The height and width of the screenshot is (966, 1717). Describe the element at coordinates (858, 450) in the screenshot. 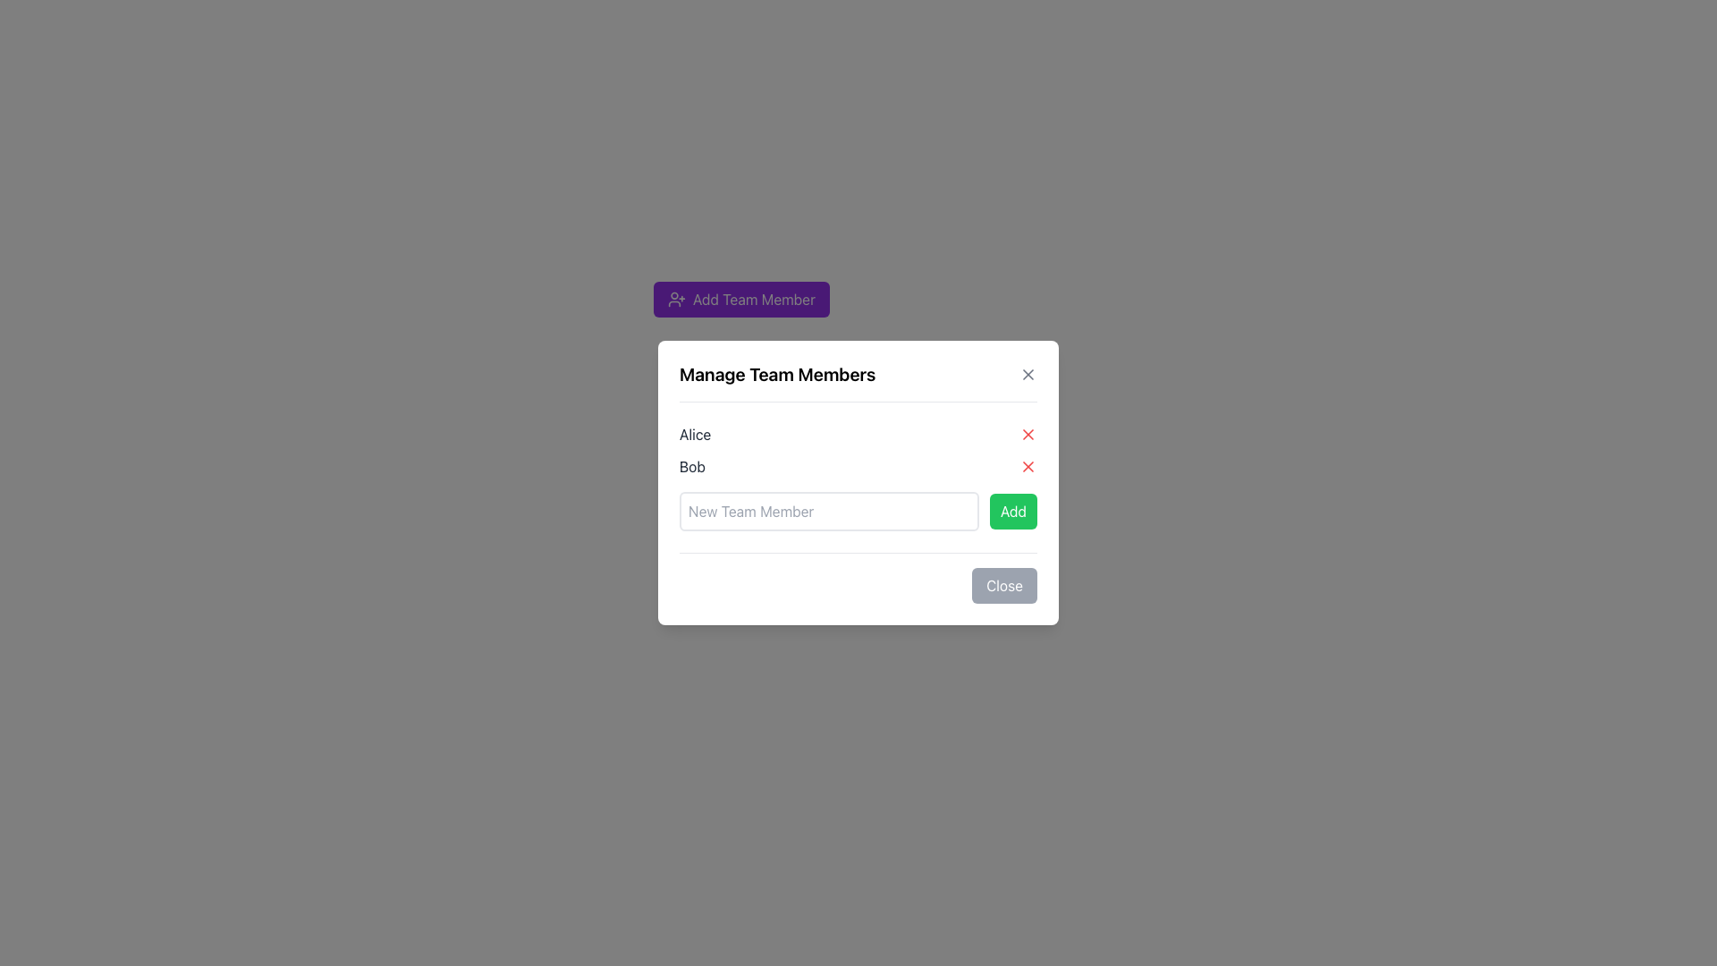

I see `names 'Alice' and 'Bob' from the display list in the modal window titled 'Manage Team Members'` at that location.